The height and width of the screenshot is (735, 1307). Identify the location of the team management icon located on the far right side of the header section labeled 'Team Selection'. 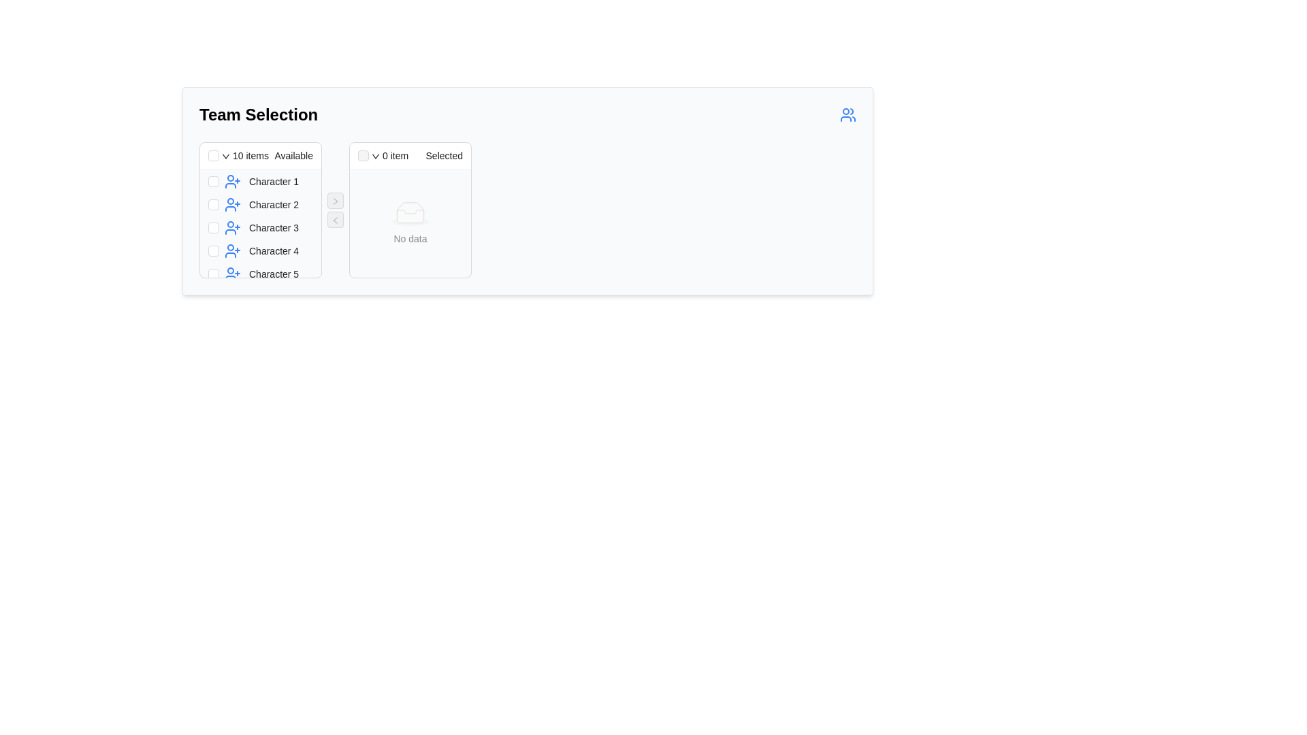
(848, 114).